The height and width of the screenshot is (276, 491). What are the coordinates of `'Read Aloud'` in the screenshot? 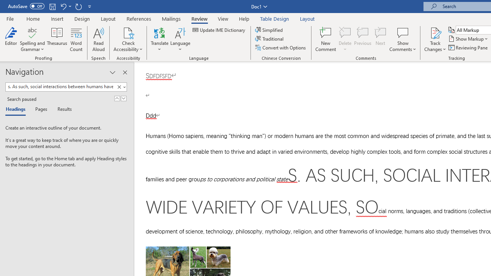 It's located at (98, 39).